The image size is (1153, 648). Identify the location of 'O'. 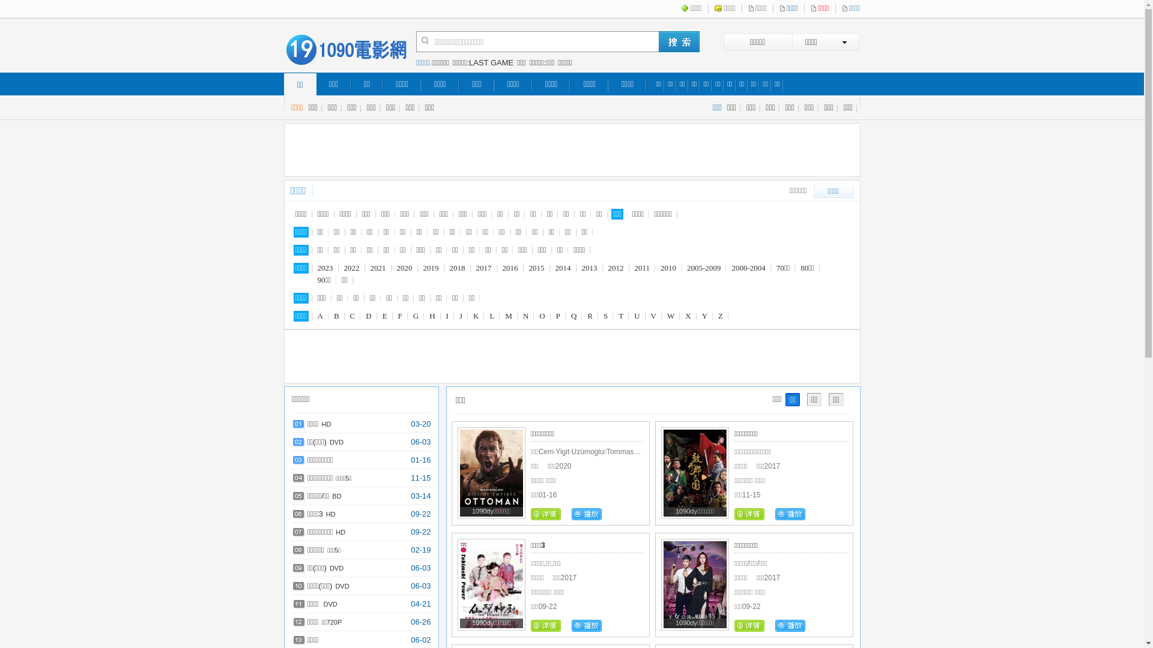
(541, 316).